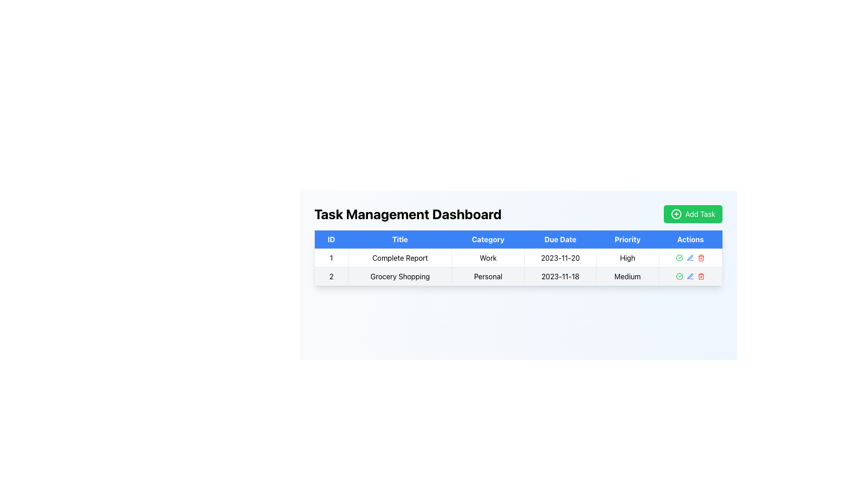 The width and height of the screenshot is (867, 488). What do you see at coordinates (400, 258) in the screenshot?
I see `the task title text label located in the first row of the table under the 'Title' column for additional actions` at bounding box center [400, 258].